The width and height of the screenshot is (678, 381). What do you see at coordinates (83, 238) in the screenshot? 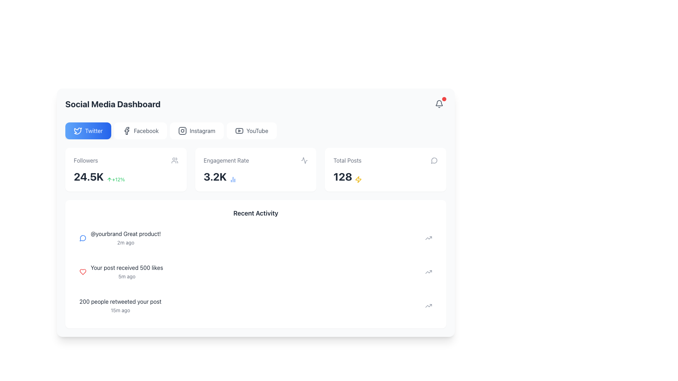
I see `the circular message/comment icon with a blue stroke located in the 'Recent Activity' section, positioned to the left of the text '@yourbrand Great product! 2m ago'` at bounding box center [83, 238].